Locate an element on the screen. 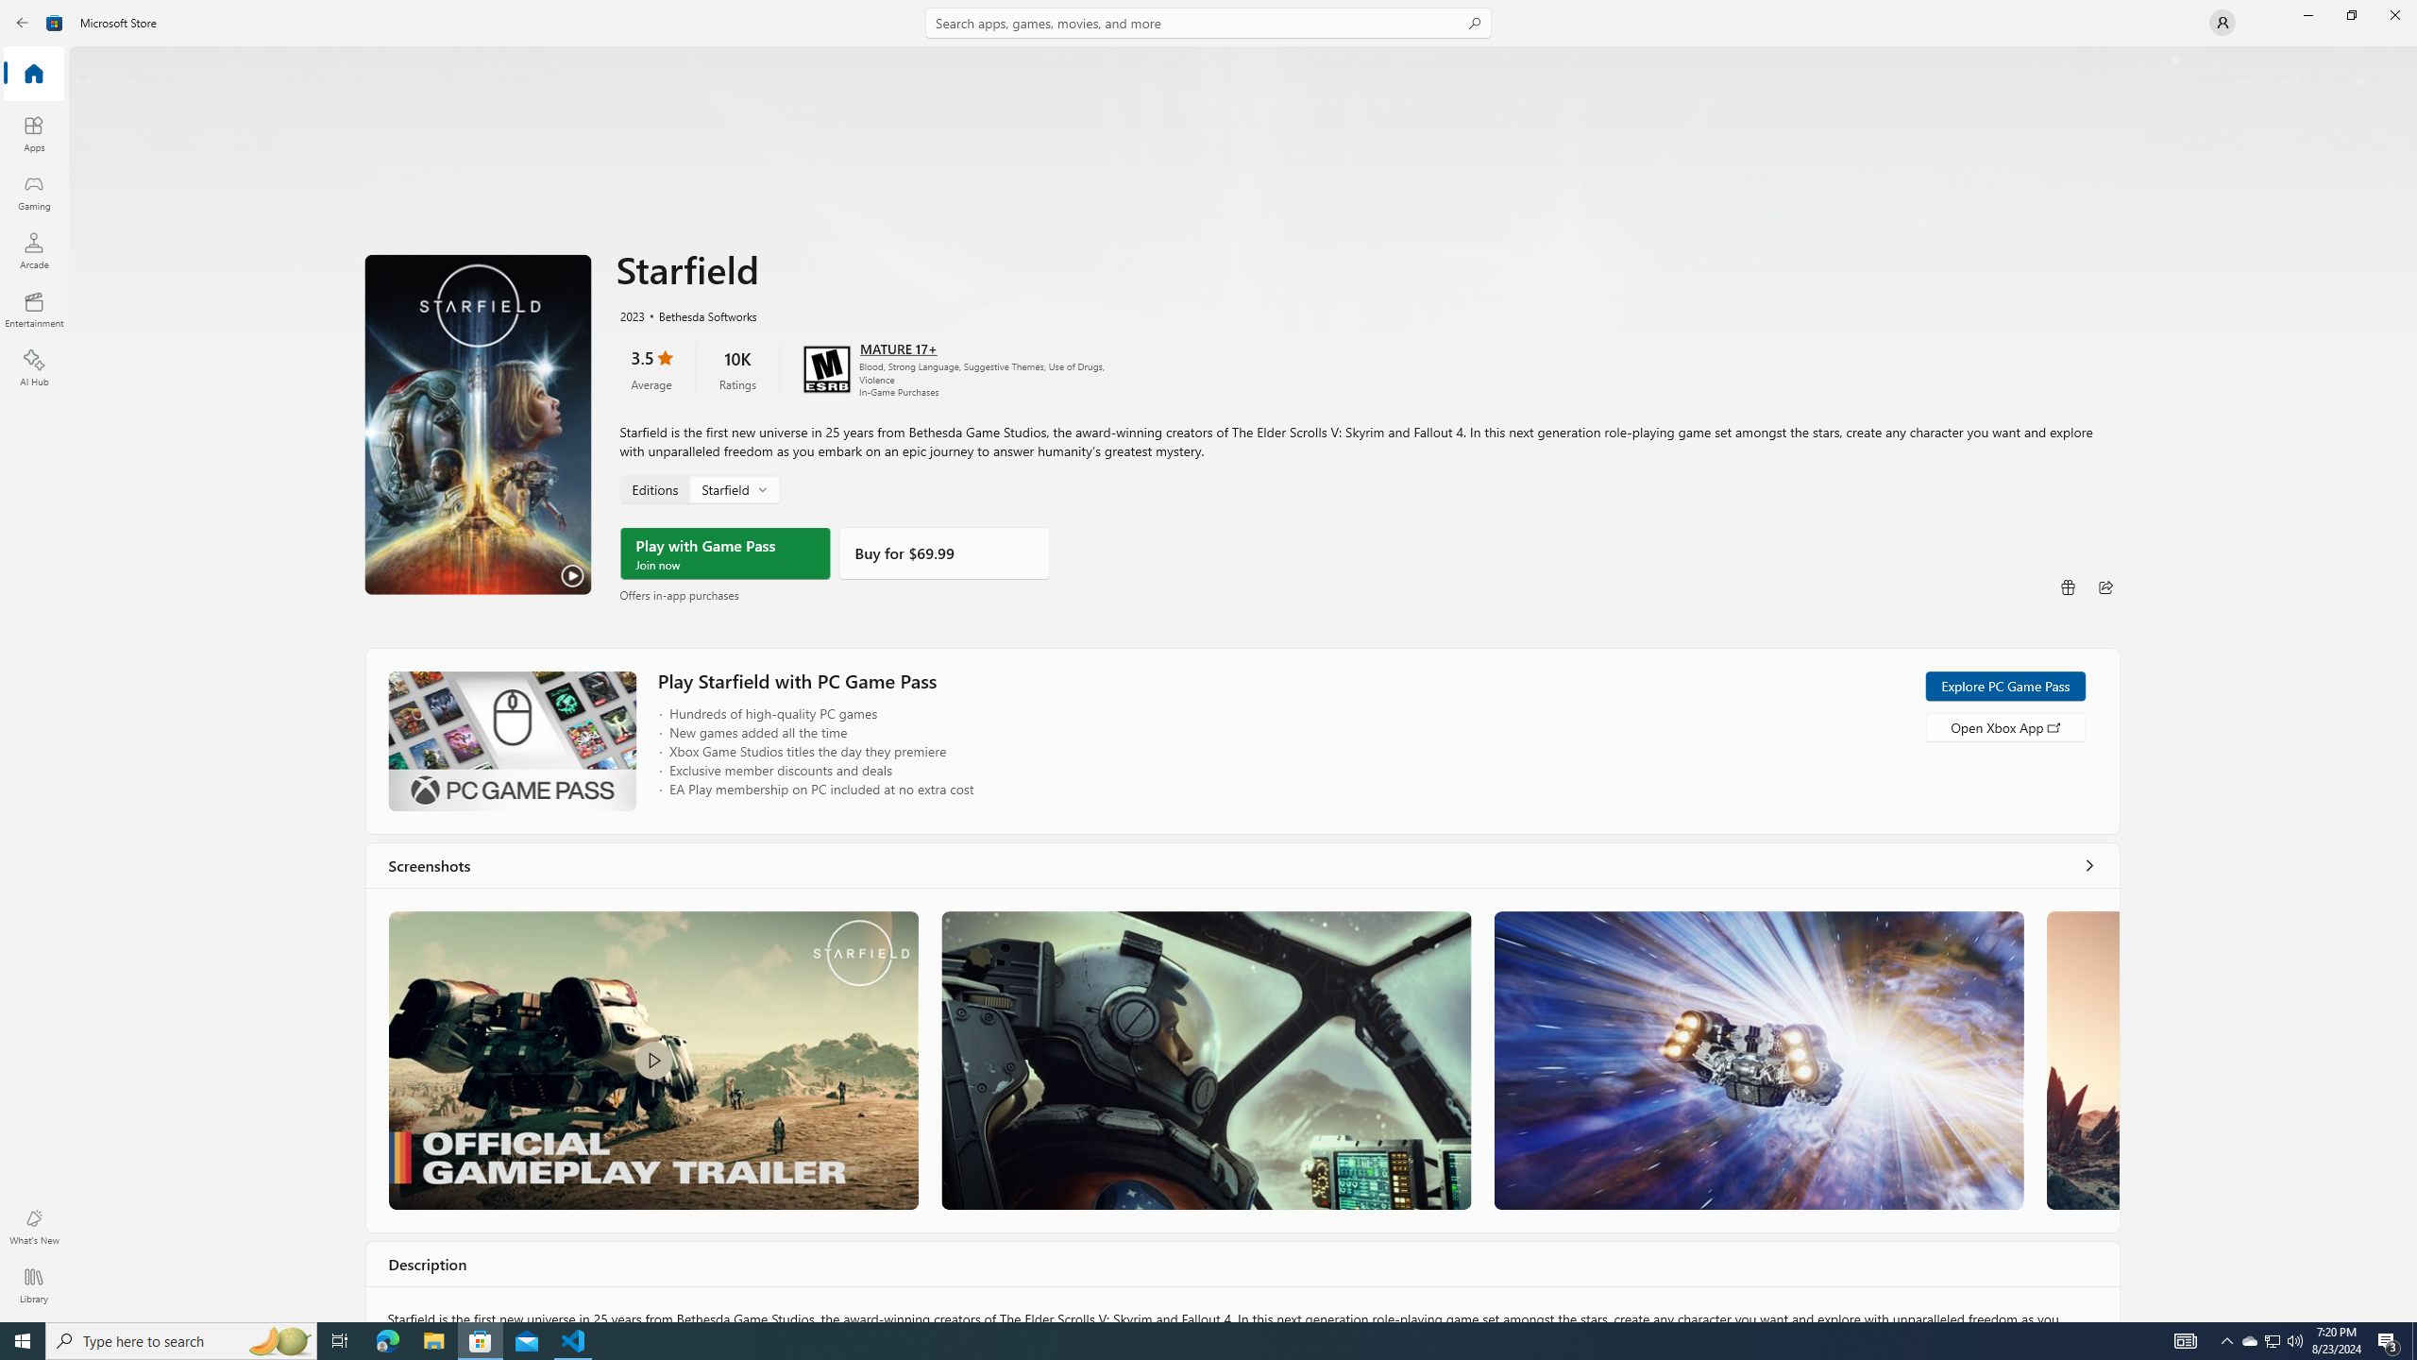 This screenshot has height=1360, width=2417. 'What' is located at coordinates (32, 1226).